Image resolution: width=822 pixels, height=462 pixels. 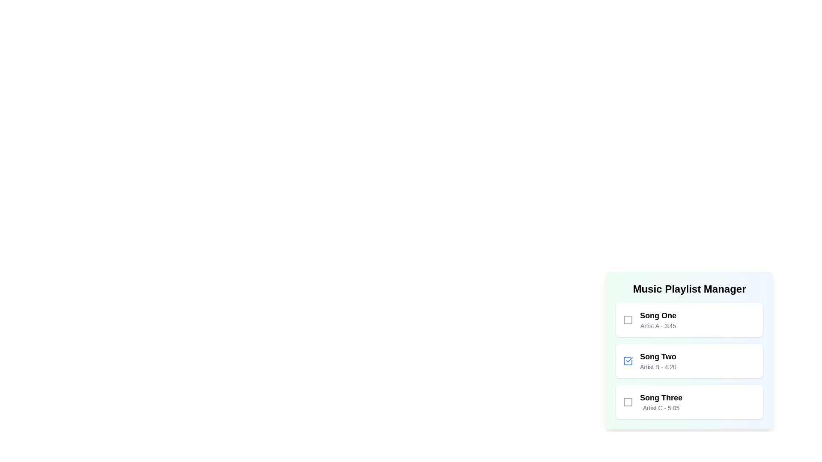 I want to click on the List Item with Checkbox representing the second song in the Music Playlist Manager, so click(x=689, y=361).